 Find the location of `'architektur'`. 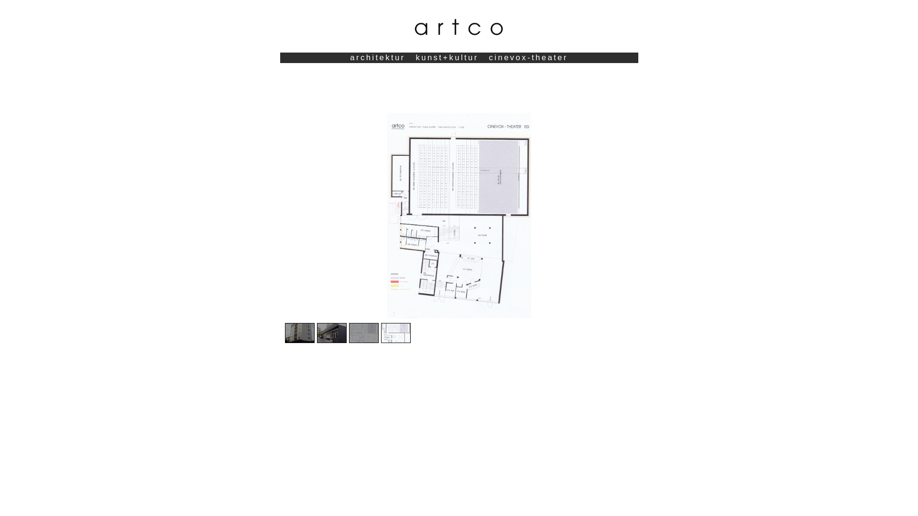

'architektur' is located at coordinates (377, 57).